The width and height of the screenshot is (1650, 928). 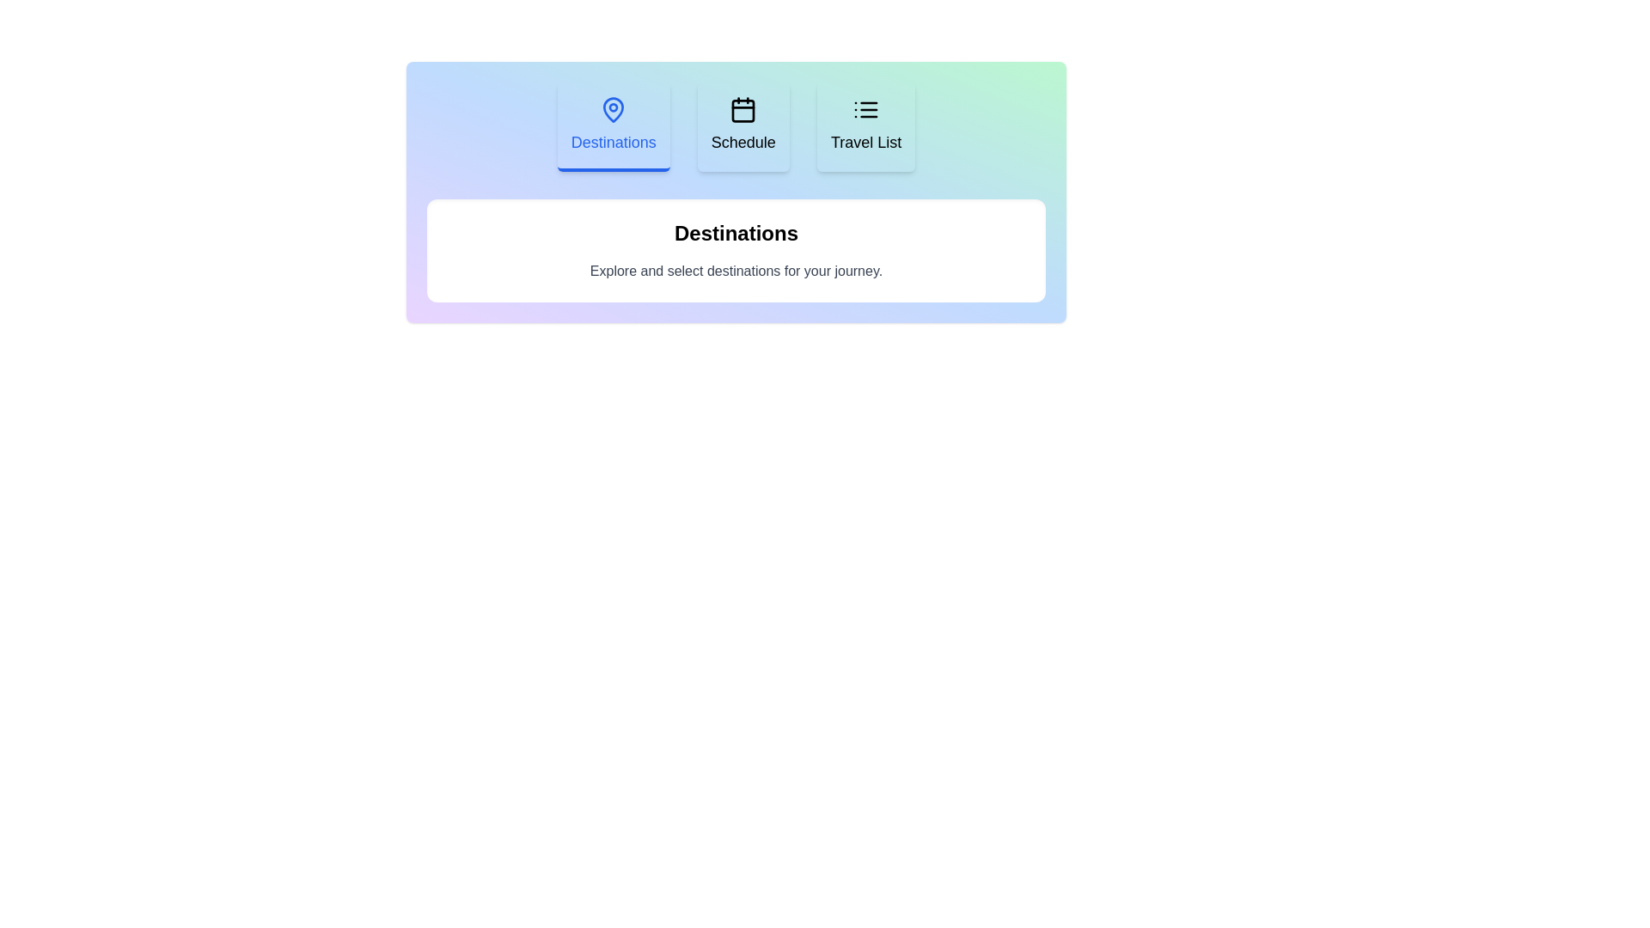 I want to click on the Destinations tab, so click(x=614, y=125).